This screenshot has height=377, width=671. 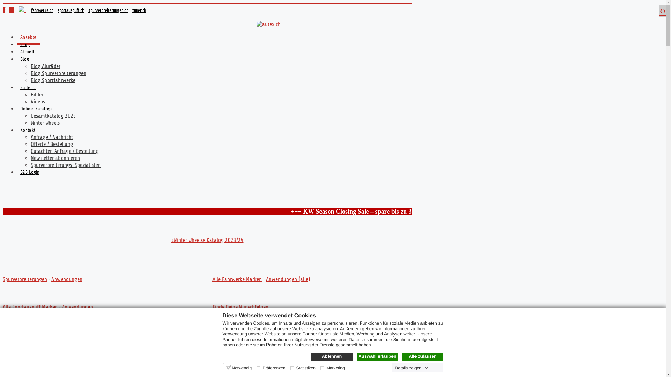 What do you see at coordinates (36, 94) in the screenshot?
I see `'Bilder'` at bounding box center [36, 94].